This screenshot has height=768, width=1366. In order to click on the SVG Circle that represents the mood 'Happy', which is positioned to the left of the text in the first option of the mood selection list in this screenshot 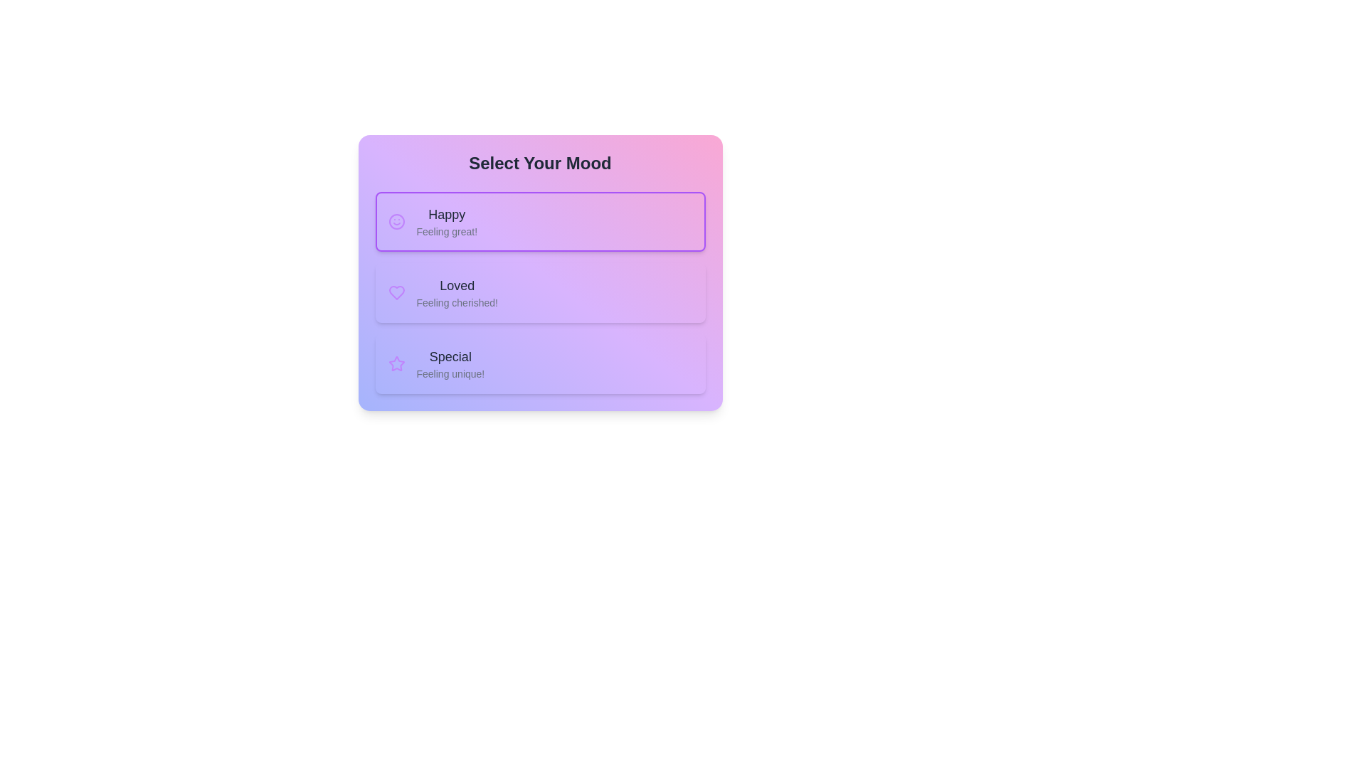, I will do `click(396, 222)`.